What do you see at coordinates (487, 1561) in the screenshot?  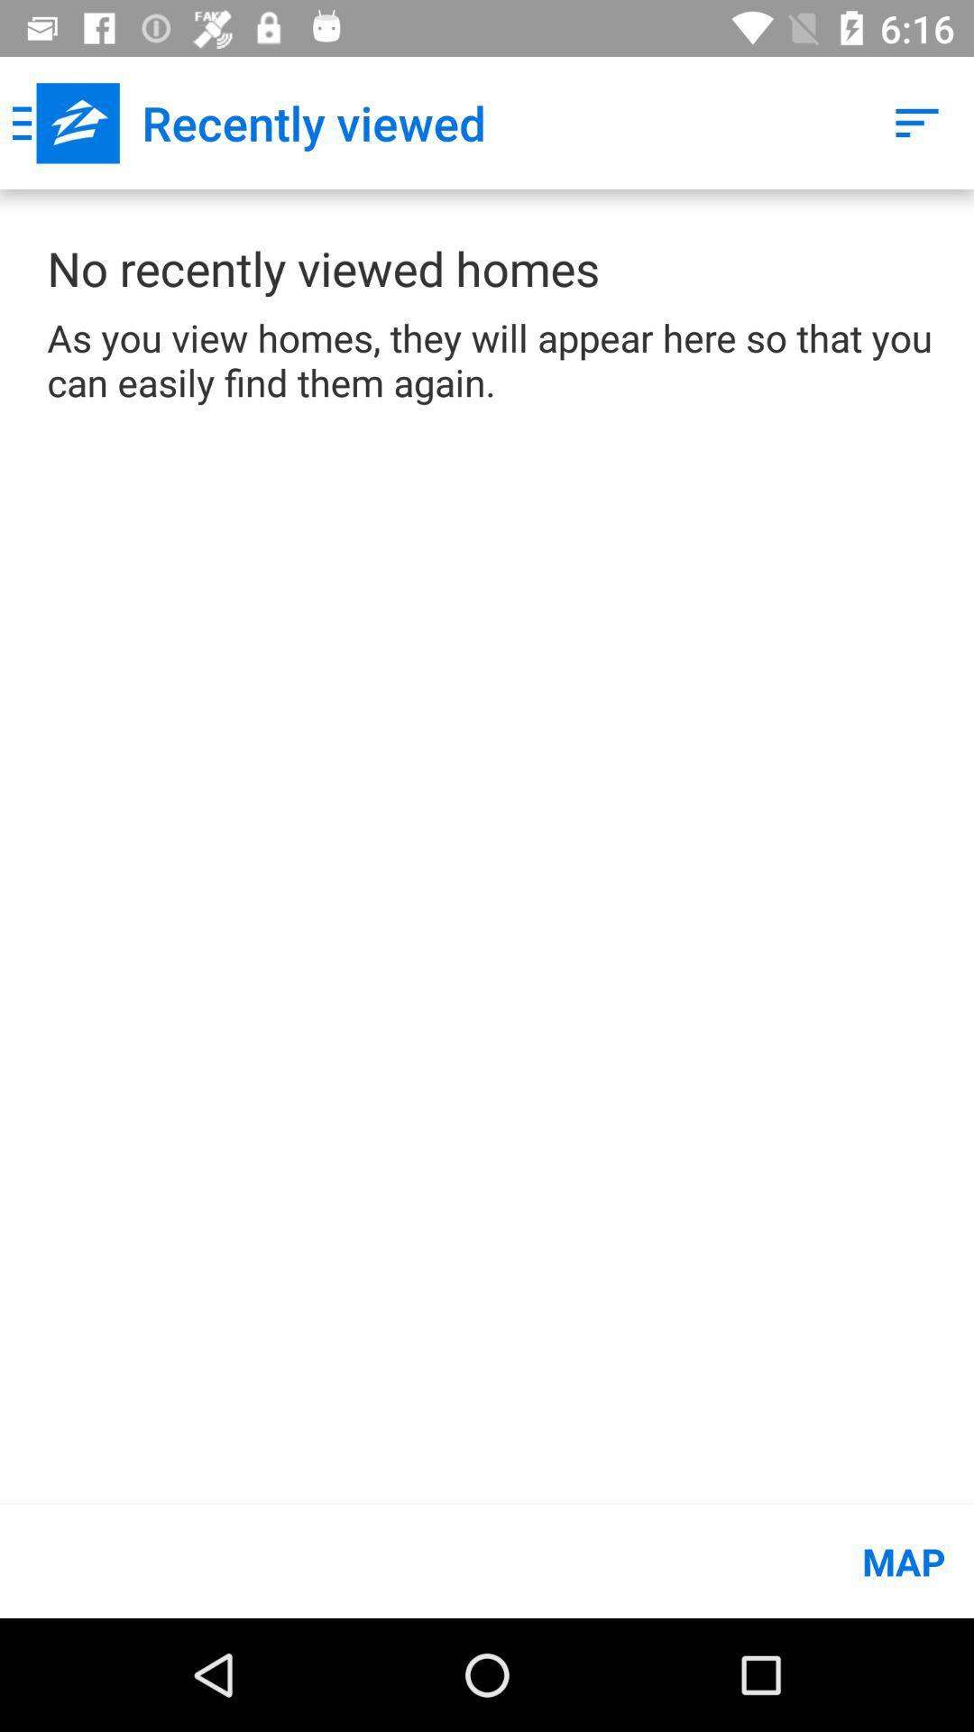 I see `item below the as you view item` at bounding box center [487, 1561].